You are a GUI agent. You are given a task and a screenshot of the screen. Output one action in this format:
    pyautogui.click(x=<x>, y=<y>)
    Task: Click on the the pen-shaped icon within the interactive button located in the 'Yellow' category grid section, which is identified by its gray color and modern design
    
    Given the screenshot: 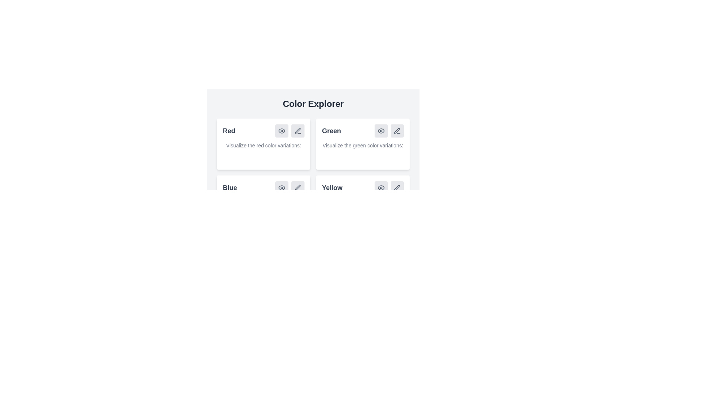 What is the action you would take?
    pyautogui.click(x=397, y=188)
    